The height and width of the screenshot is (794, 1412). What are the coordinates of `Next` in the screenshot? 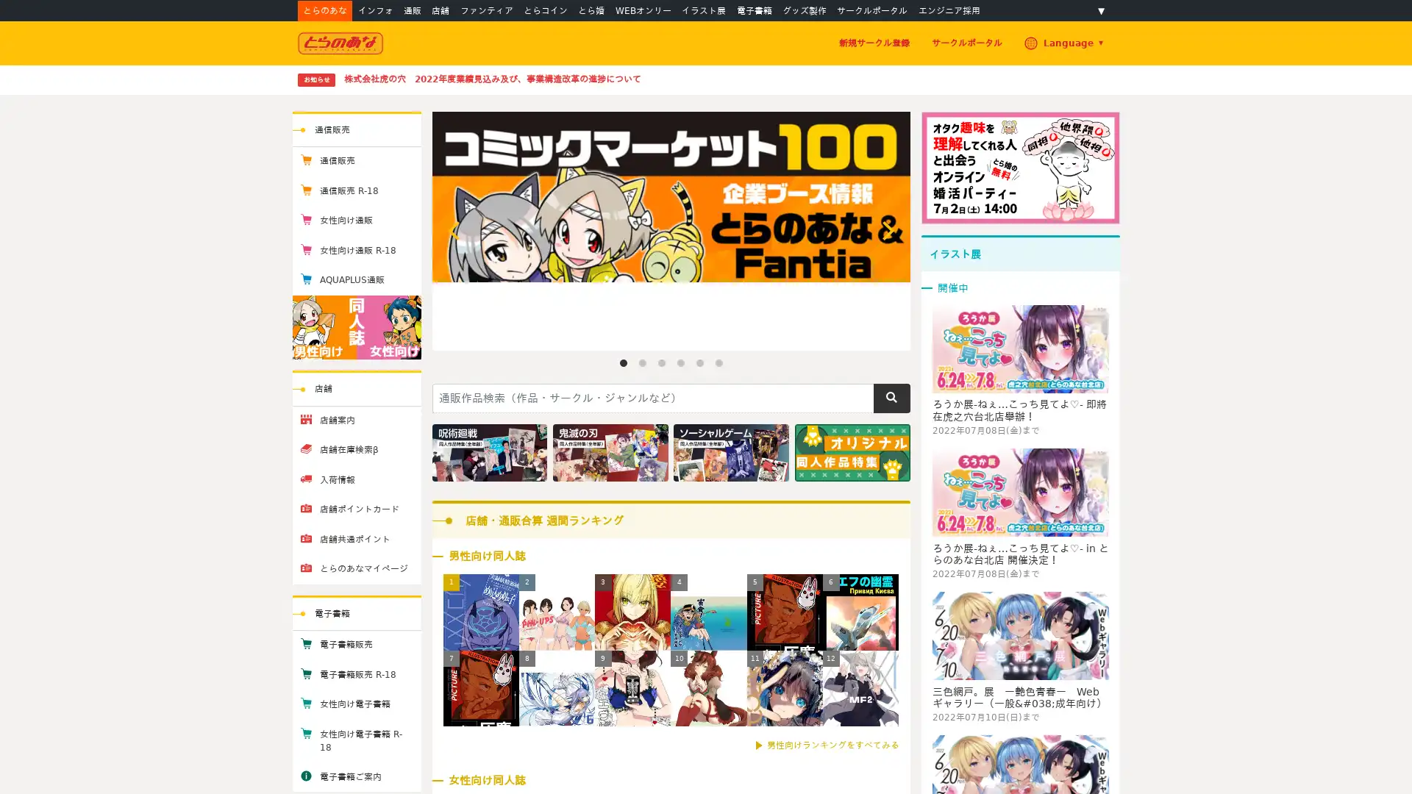 It's located at (885, 230).